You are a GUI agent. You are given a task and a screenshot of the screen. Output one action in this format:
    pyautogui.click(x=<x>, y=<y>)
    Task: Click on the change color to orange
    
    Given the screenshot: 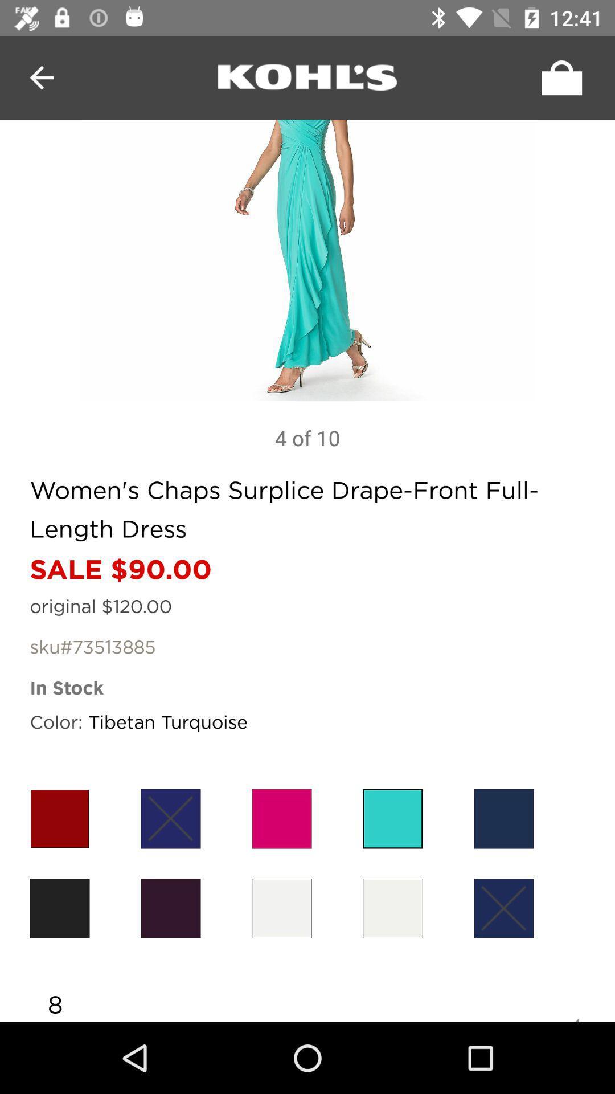 What is the action you would take?
    pyautogui.click(x=59, y=818)
    